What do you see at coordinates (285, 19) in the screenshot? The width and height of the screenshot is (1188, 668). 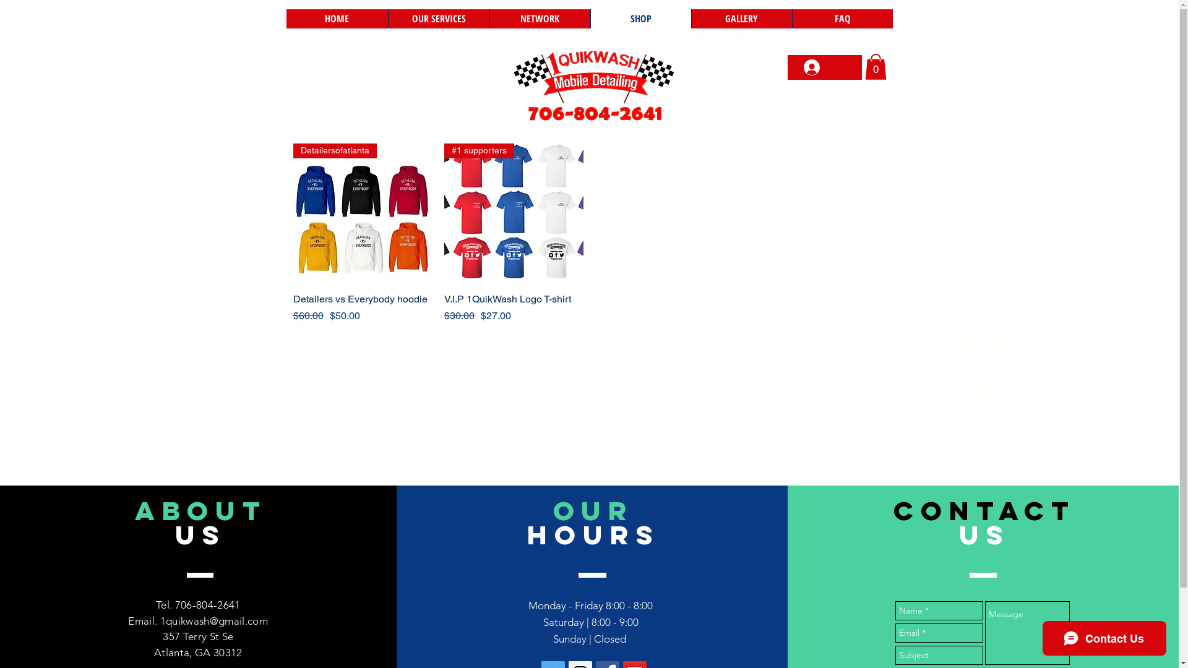 I see `'HOME'` at bounding box center [285, 19].